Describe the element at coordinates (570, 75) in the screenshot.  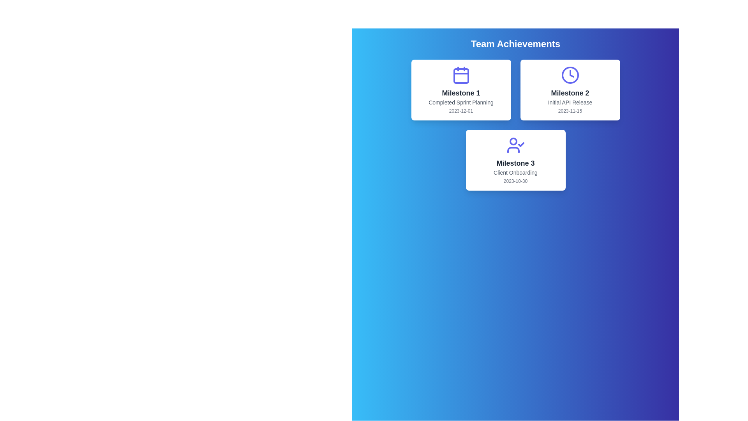
I see `the SVG circle element representing the clock icon associated with the 'Milestone 2' entry` at that location.